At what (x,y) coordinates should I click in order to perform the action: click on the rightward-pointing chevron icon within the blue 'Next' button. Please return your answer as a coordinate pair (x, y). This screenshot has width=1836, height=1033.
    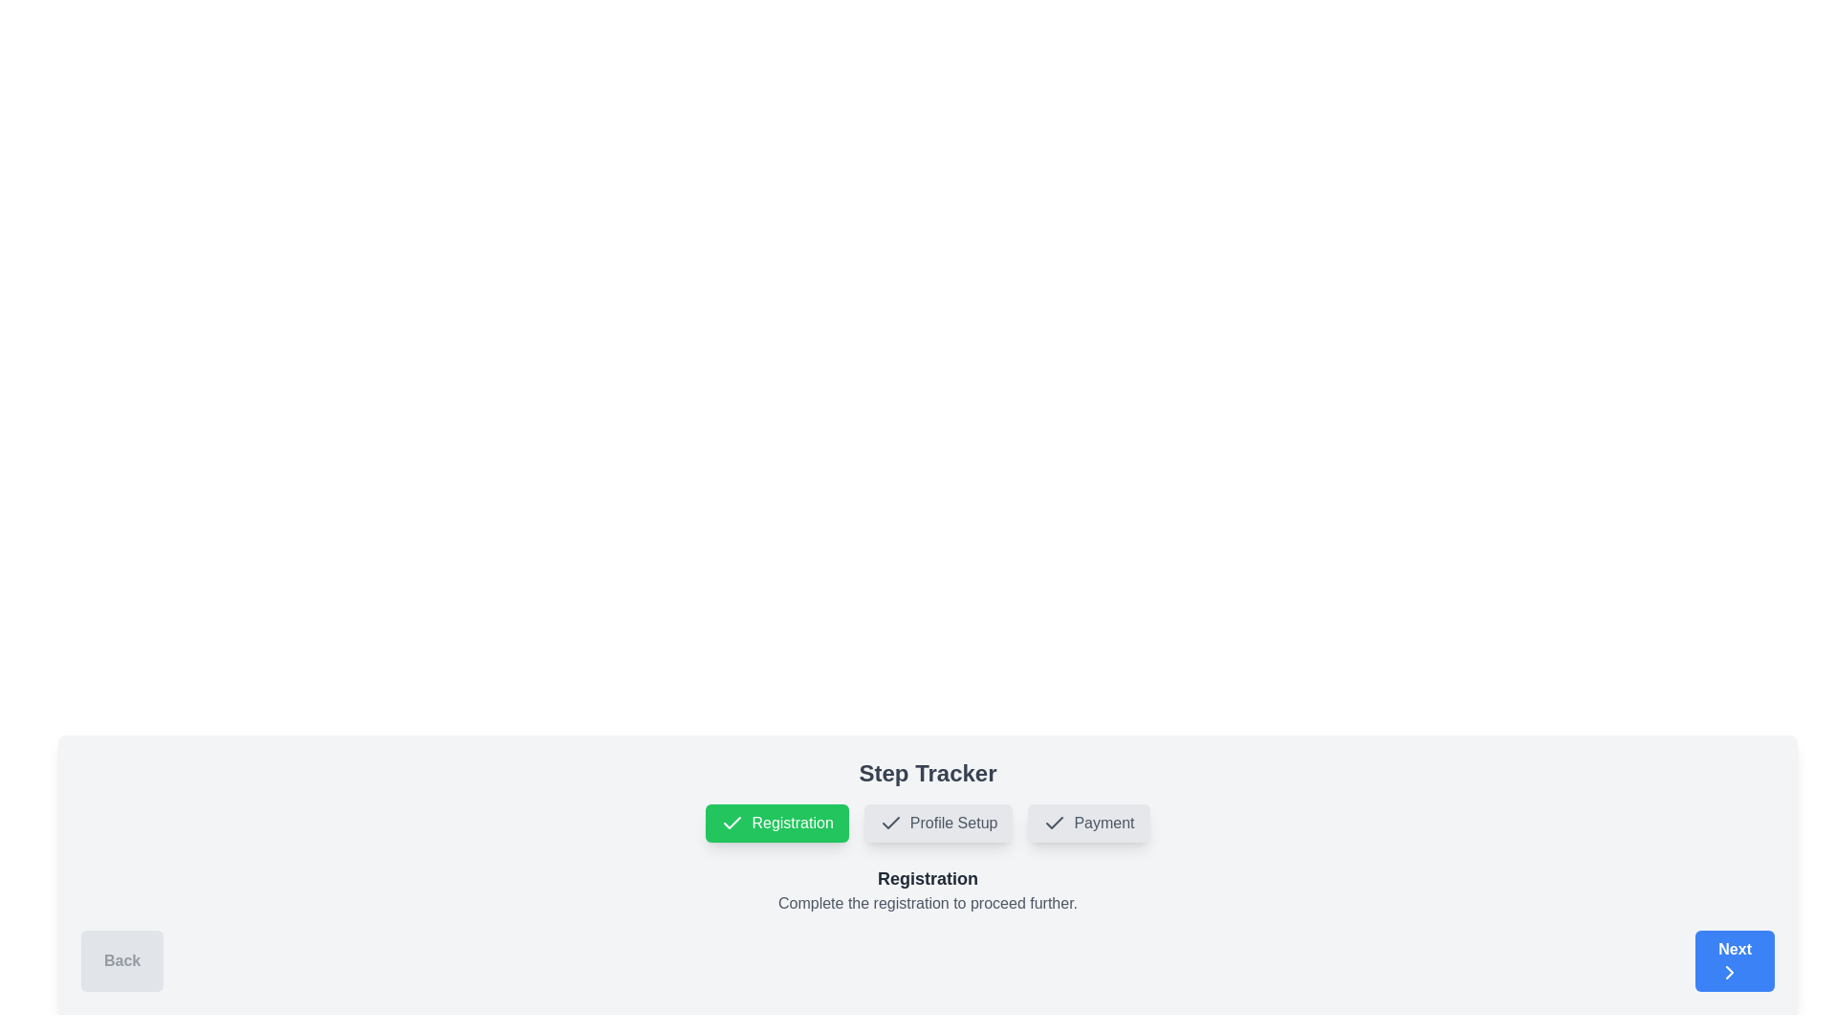
    Looking at the image, I should click on (1730, 973).